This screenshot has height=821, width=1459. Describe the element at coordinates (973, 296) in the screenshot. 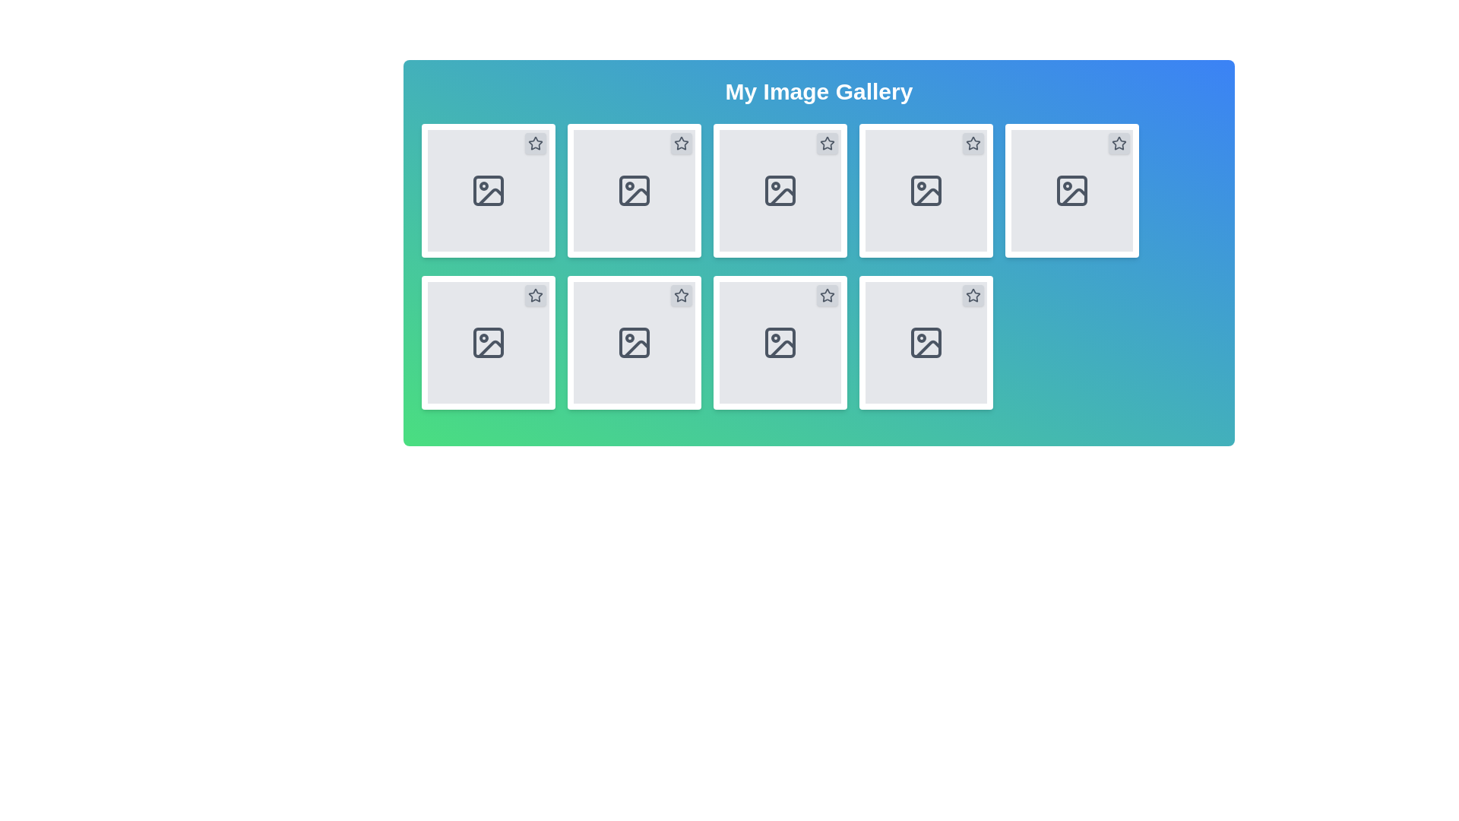

I see `the star-shaped icon in the top-right corner of the bottom-right tile in the grid layout` at that location.